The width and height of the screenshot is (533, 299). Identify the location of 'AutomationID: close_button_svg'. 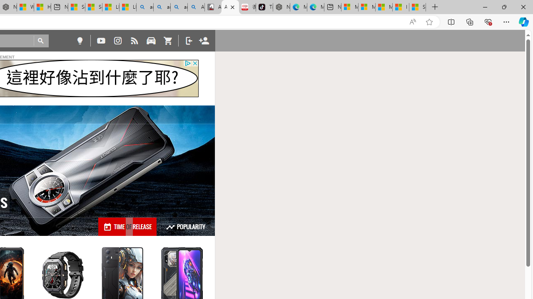
(194, 63).